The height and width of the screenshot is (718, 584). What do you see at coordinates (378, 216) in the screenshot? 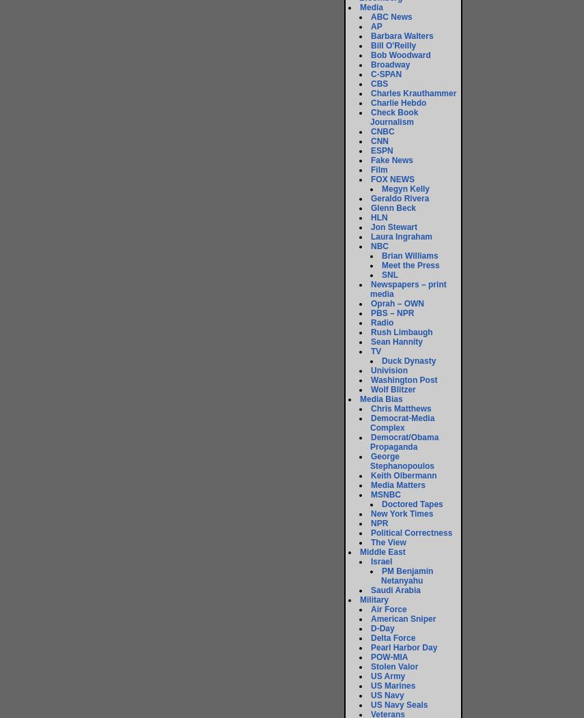
I see `'HLN'` at bounding box center [378, 216].